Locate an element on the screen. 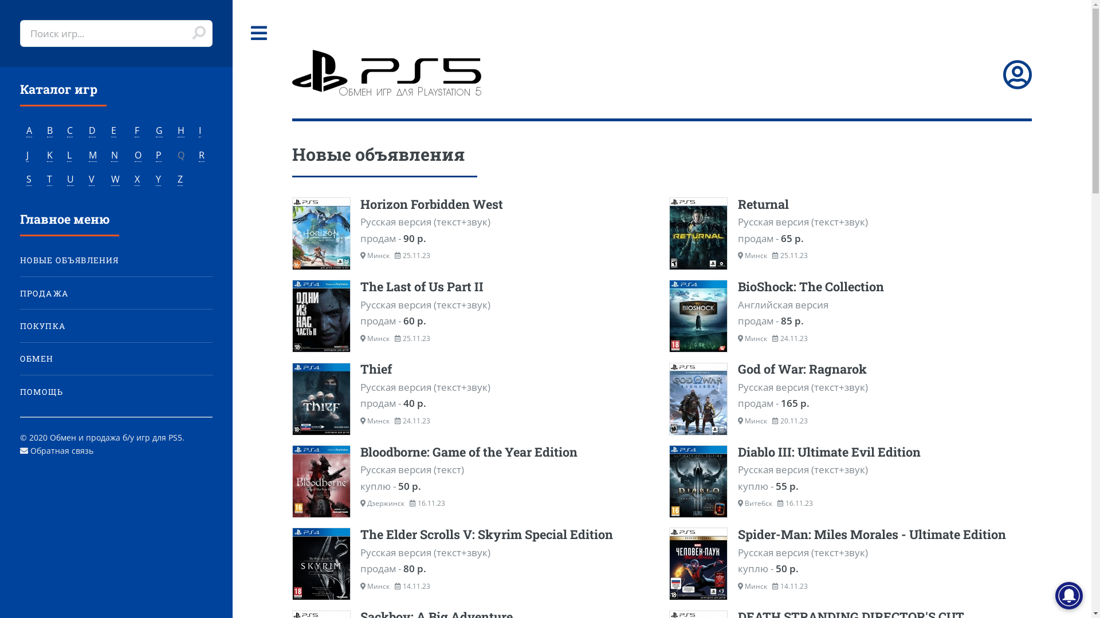 The image size is (1100, 618). 'G' is located at coordinates (155, 130).